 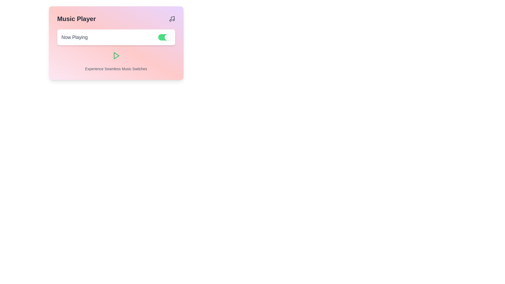 I want to click on the Information panel titled 'Music Player', which features a gradient background and contains a play button and toggle switch, so click(x=116, y=43).